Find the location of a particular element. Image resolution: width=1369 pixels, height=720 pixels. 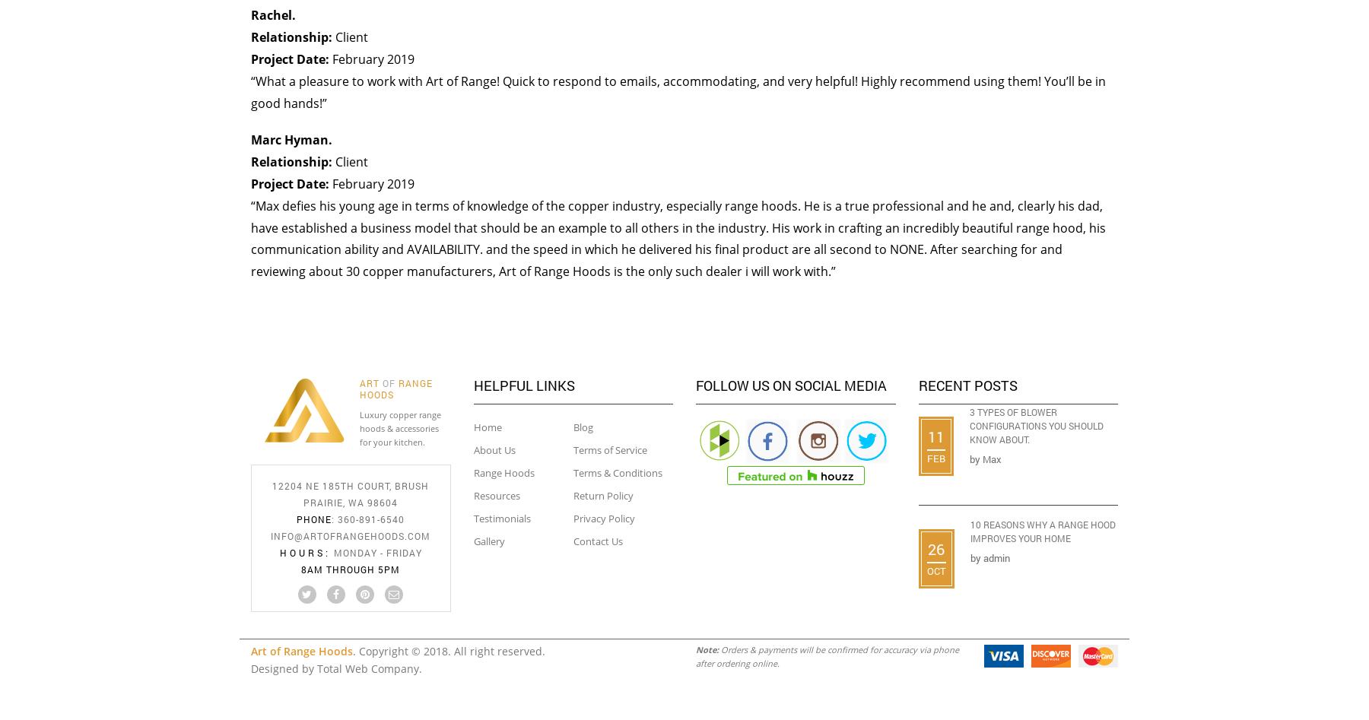

'Feb' is located at coordinates (934, 458).